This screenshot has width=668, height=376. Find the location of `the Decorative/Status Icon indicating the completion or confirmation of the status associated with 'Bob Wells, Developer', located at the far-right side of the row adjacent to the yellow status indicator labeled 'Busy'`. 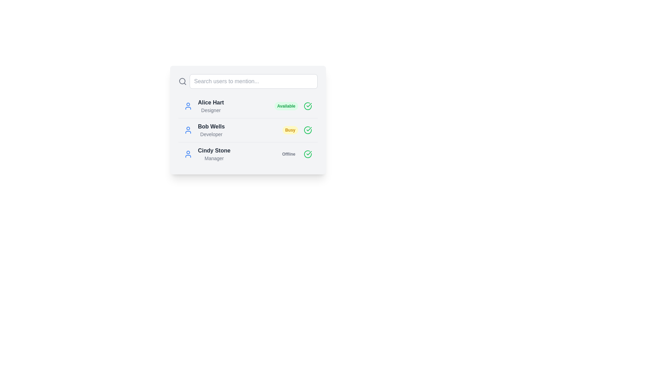

the Decorative/Status Icon indicating the completion or confirmation of the status associated with 'Bob Wells, Developer', located at the far-right side of the row adjacent to the yellow status indicator labeled 'Busy' is located at coordinates (307, 130).